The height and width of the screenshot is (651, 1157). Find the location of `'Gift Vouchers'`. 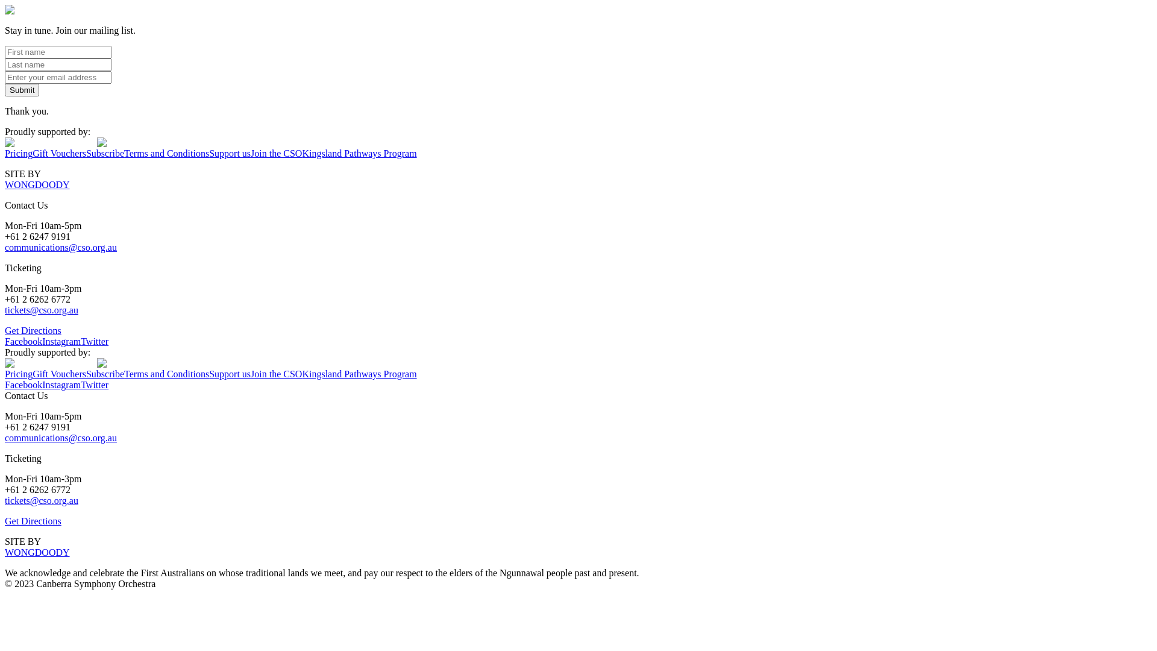

'Gift Vouchers' is located at coordinates (32, 153).